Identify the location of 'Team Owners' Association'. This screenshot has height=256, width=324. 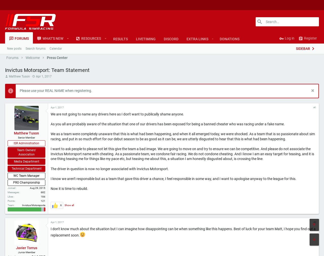
(17, 152).